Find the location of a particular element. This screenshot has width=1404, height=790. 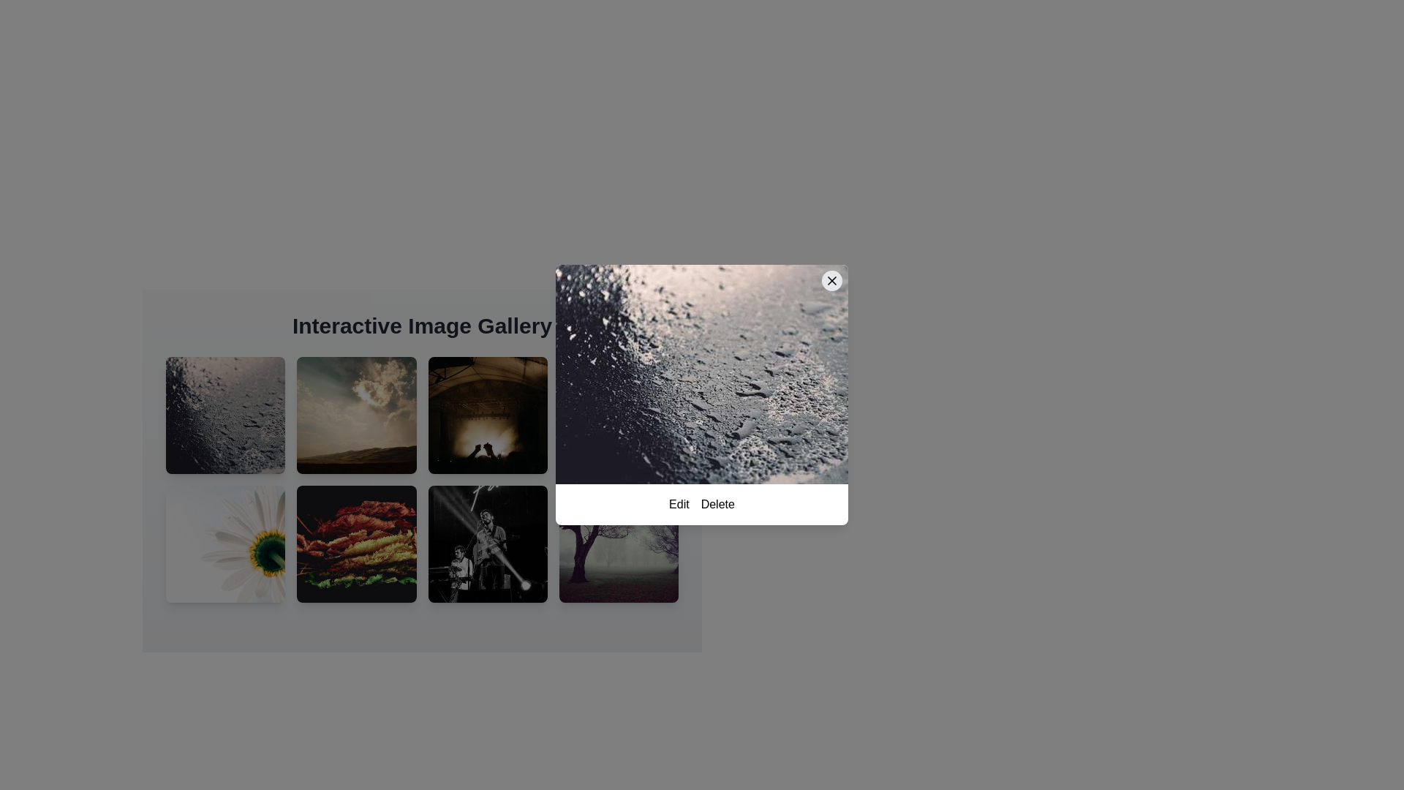

the image tile located in the second row, second column of the gallery grid is located at coordinates (356, 544).